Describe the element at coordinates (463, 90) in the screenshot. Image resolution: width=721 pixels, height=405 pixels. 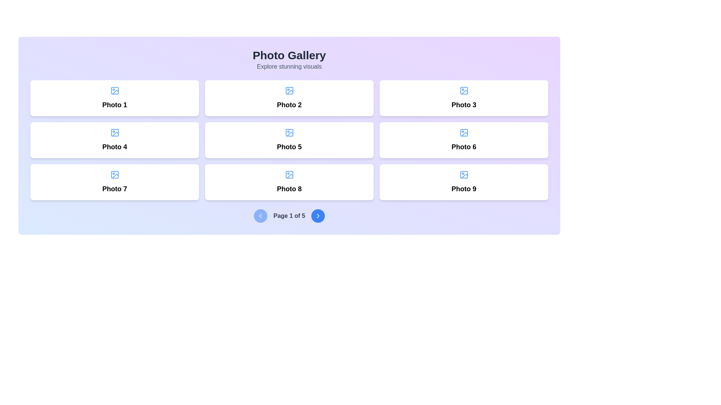
I see `the small icon depicting an image frame with a circular placeholder inside, located above the text 'Photo 3' in the third column of the first row of the photo grid` at that location.